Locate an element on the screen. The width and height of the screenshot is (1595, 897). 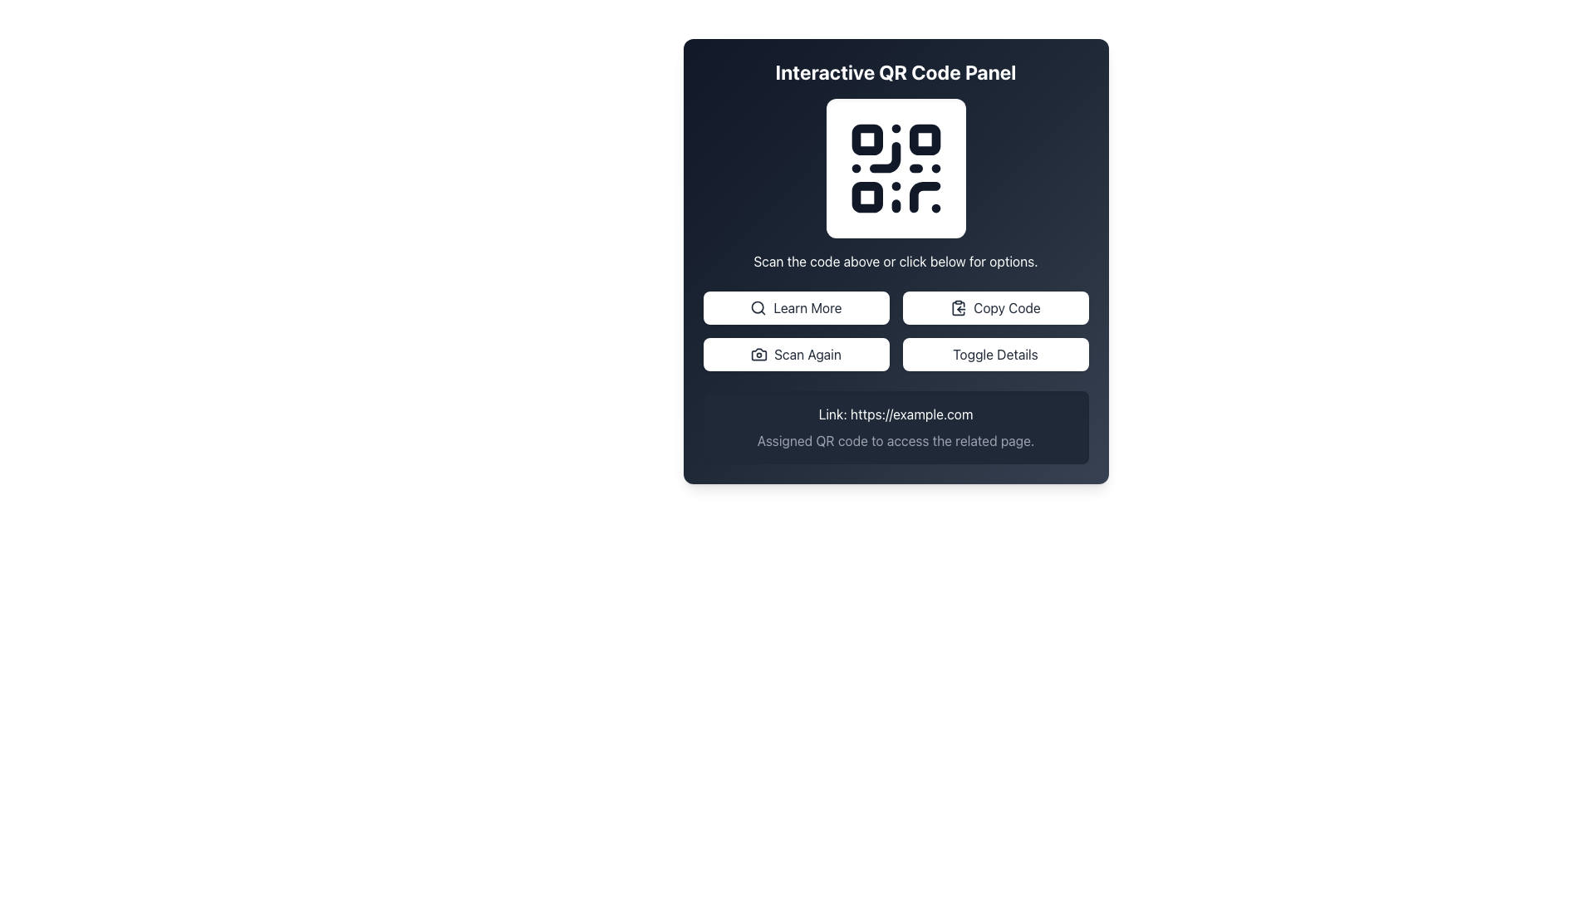
the second button in the grid, located at the top right, to observe the hover effect is located at coordinates (995, 307).